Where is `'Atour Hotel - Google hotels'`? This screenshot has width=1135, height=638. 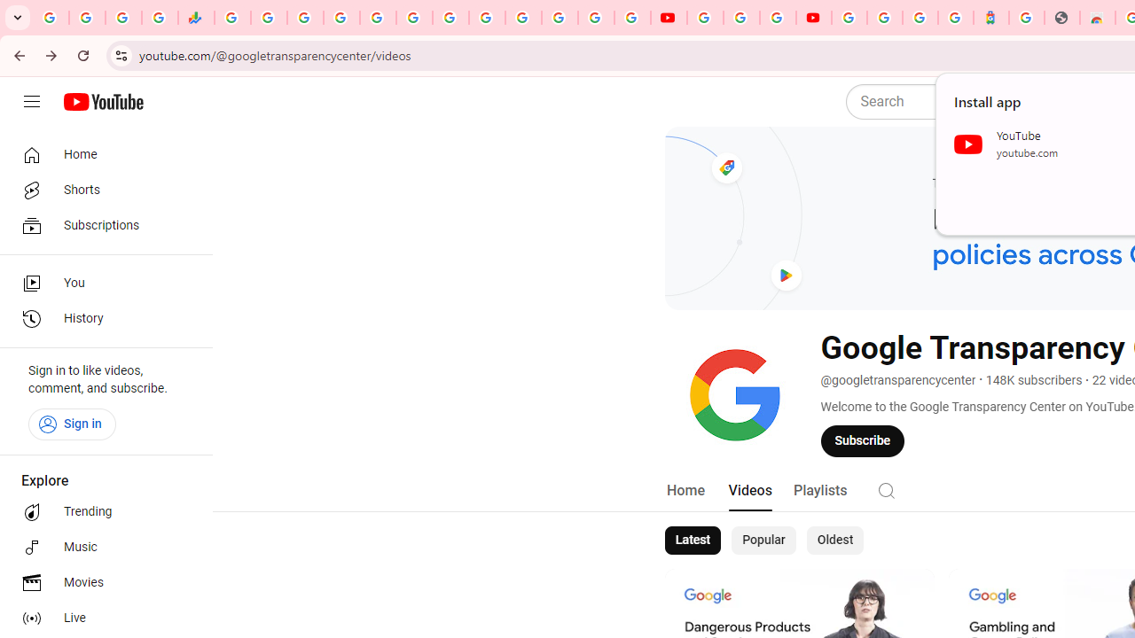
'Atour Hotel - Google hotels' is located at coordinates (990, 18).